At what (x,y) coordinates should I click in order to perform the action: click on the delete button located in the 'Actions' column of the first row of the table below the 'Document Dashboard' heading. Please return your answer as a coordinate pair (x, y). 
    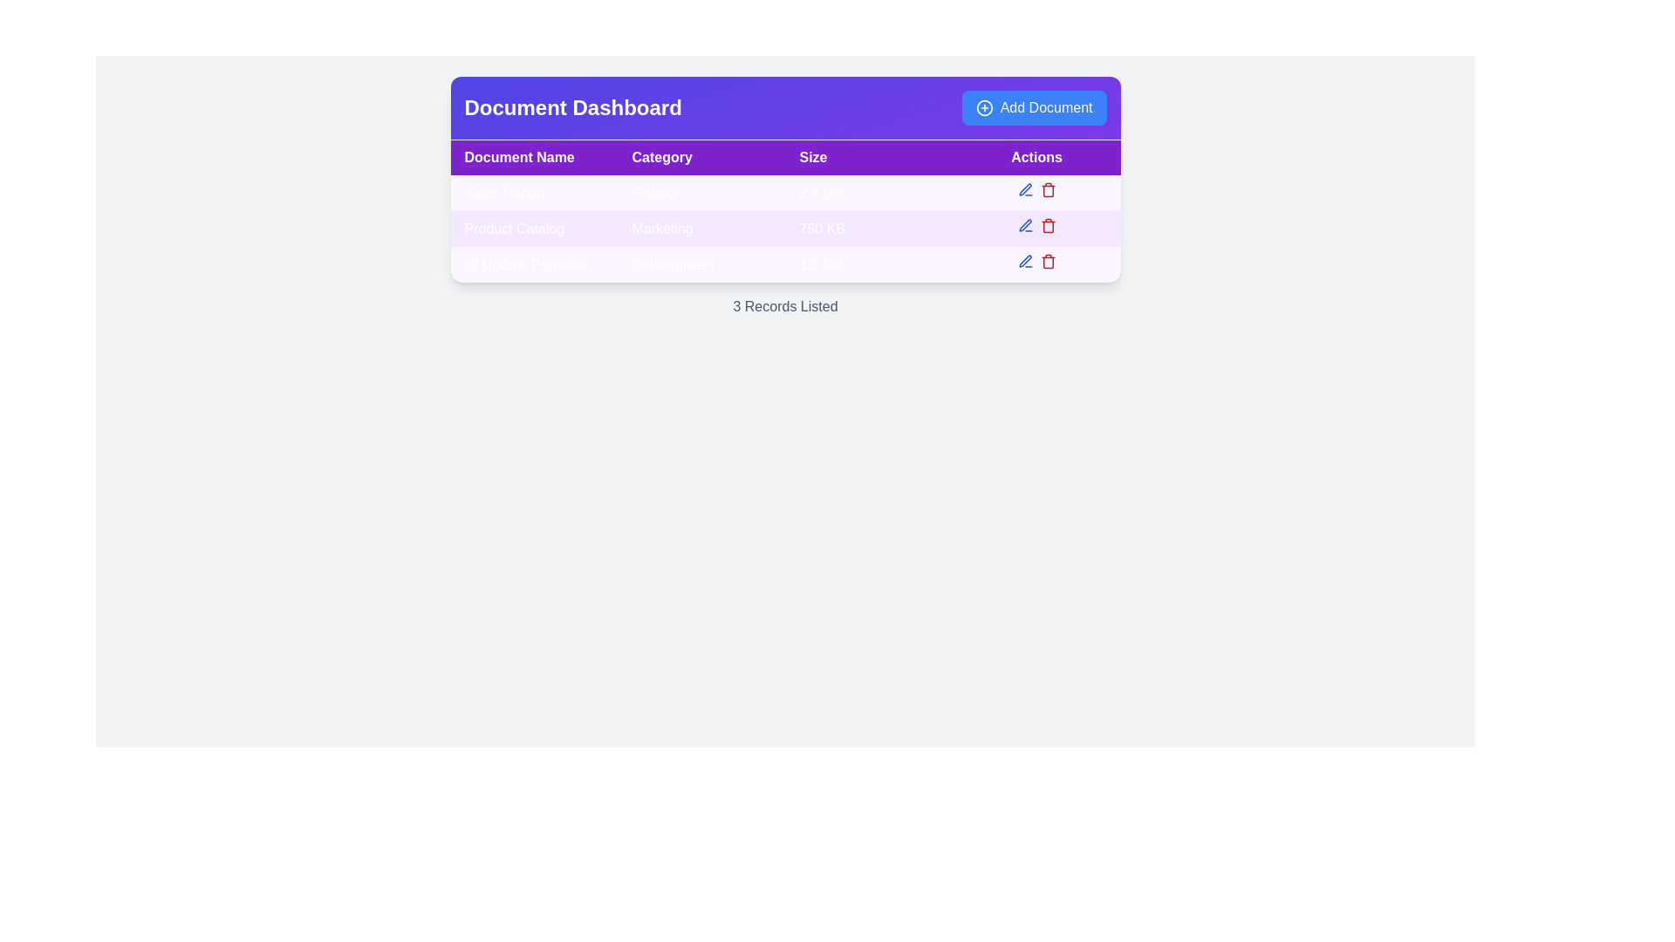
    Looking at the image, I should click on (1047, 190).